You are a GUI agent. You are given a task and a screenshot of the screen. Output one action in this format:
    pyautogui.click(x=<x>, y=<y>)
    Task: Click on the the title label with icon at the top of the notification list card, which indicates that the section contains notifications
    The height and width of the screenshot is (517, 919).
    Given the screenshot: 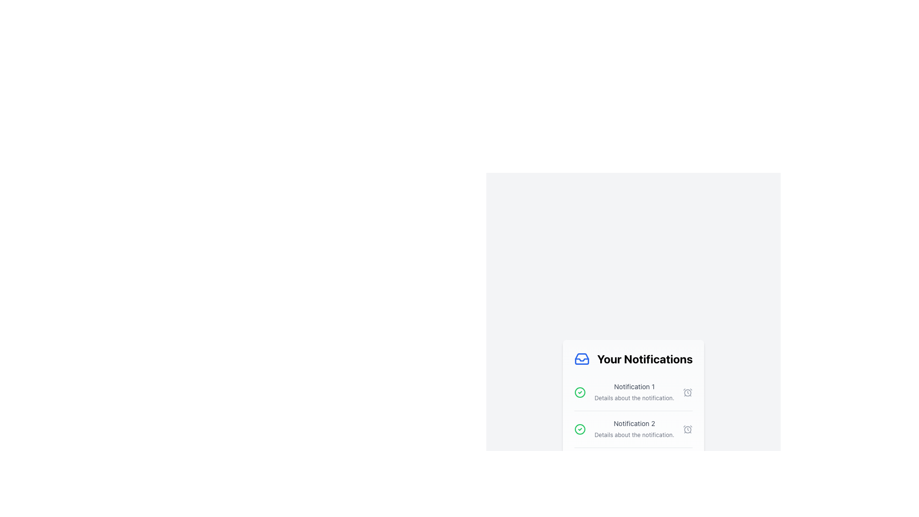 What is the action you would take?
    pyautogui.click(x=633, y=359)
    